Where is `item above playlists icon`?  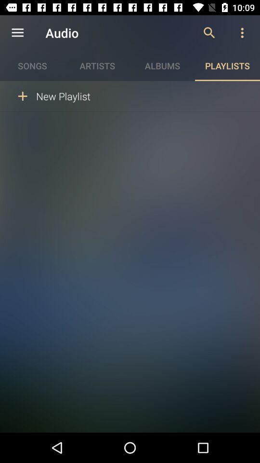
item above playlists icon is located at coordinates (209, 33).